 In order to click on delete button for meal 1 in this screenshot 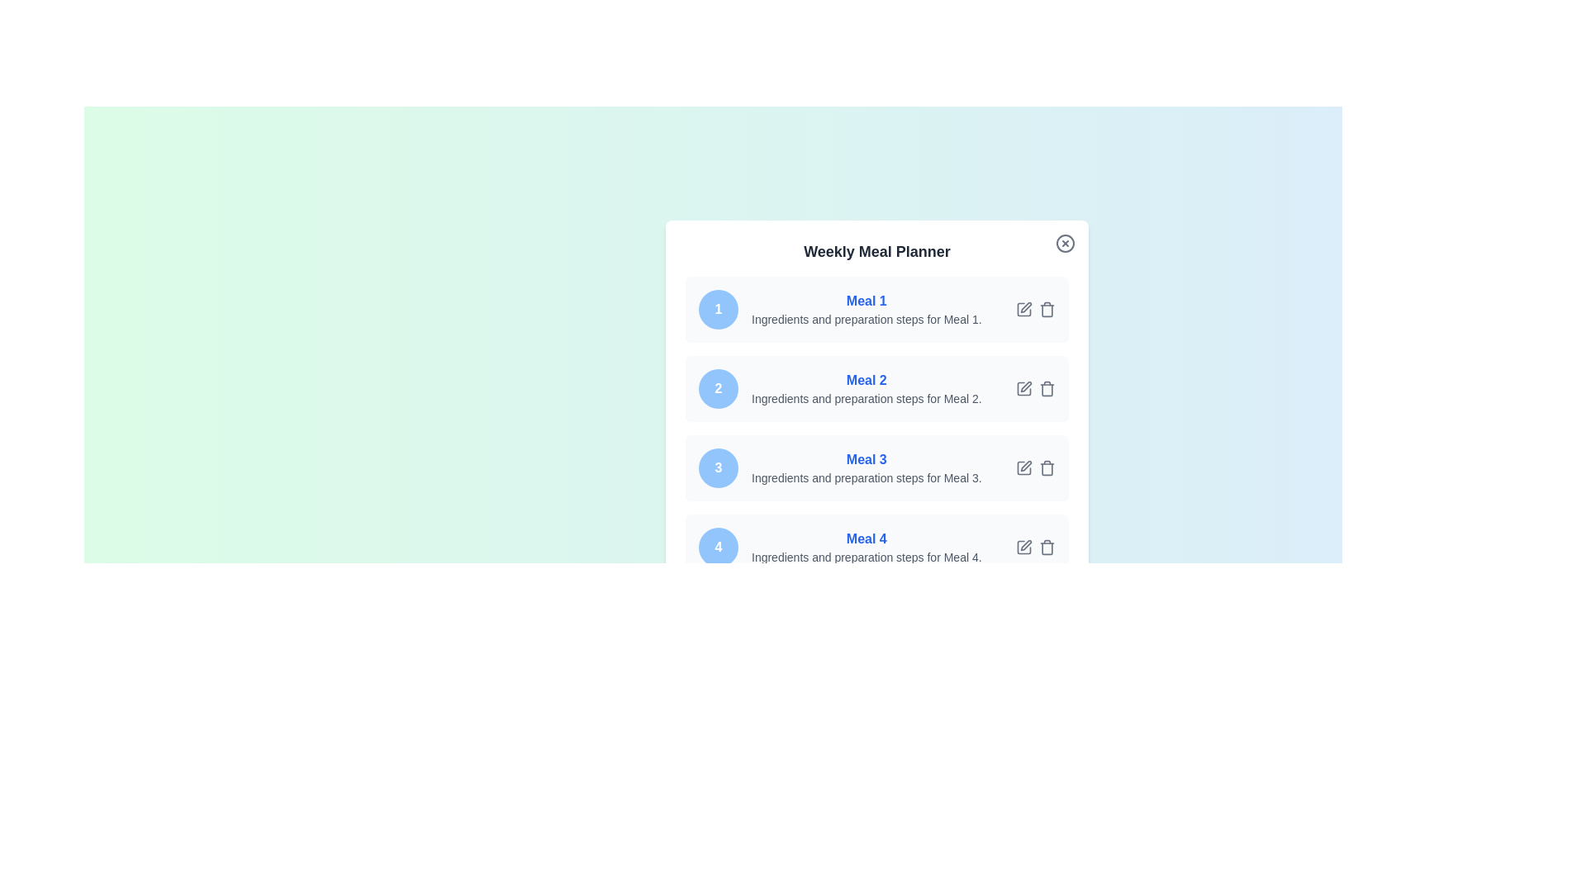, I will do `click(1046, 309)`.